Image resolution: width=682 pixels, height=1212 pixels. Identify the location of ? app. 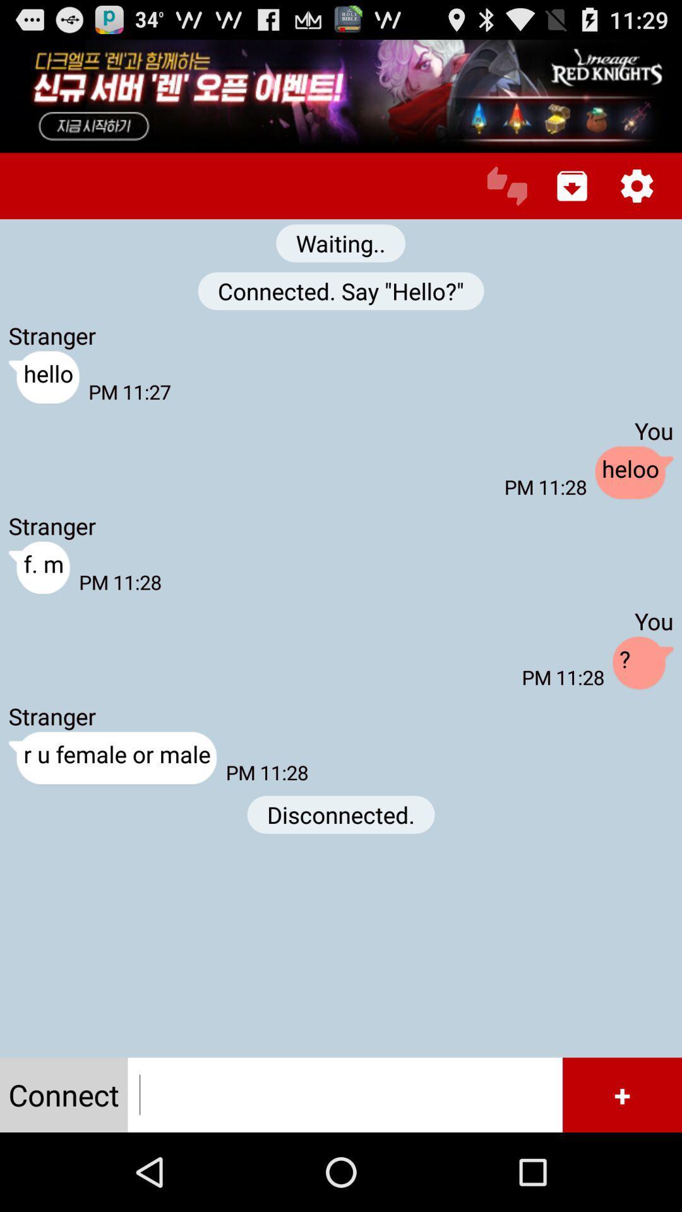
(643, 663).